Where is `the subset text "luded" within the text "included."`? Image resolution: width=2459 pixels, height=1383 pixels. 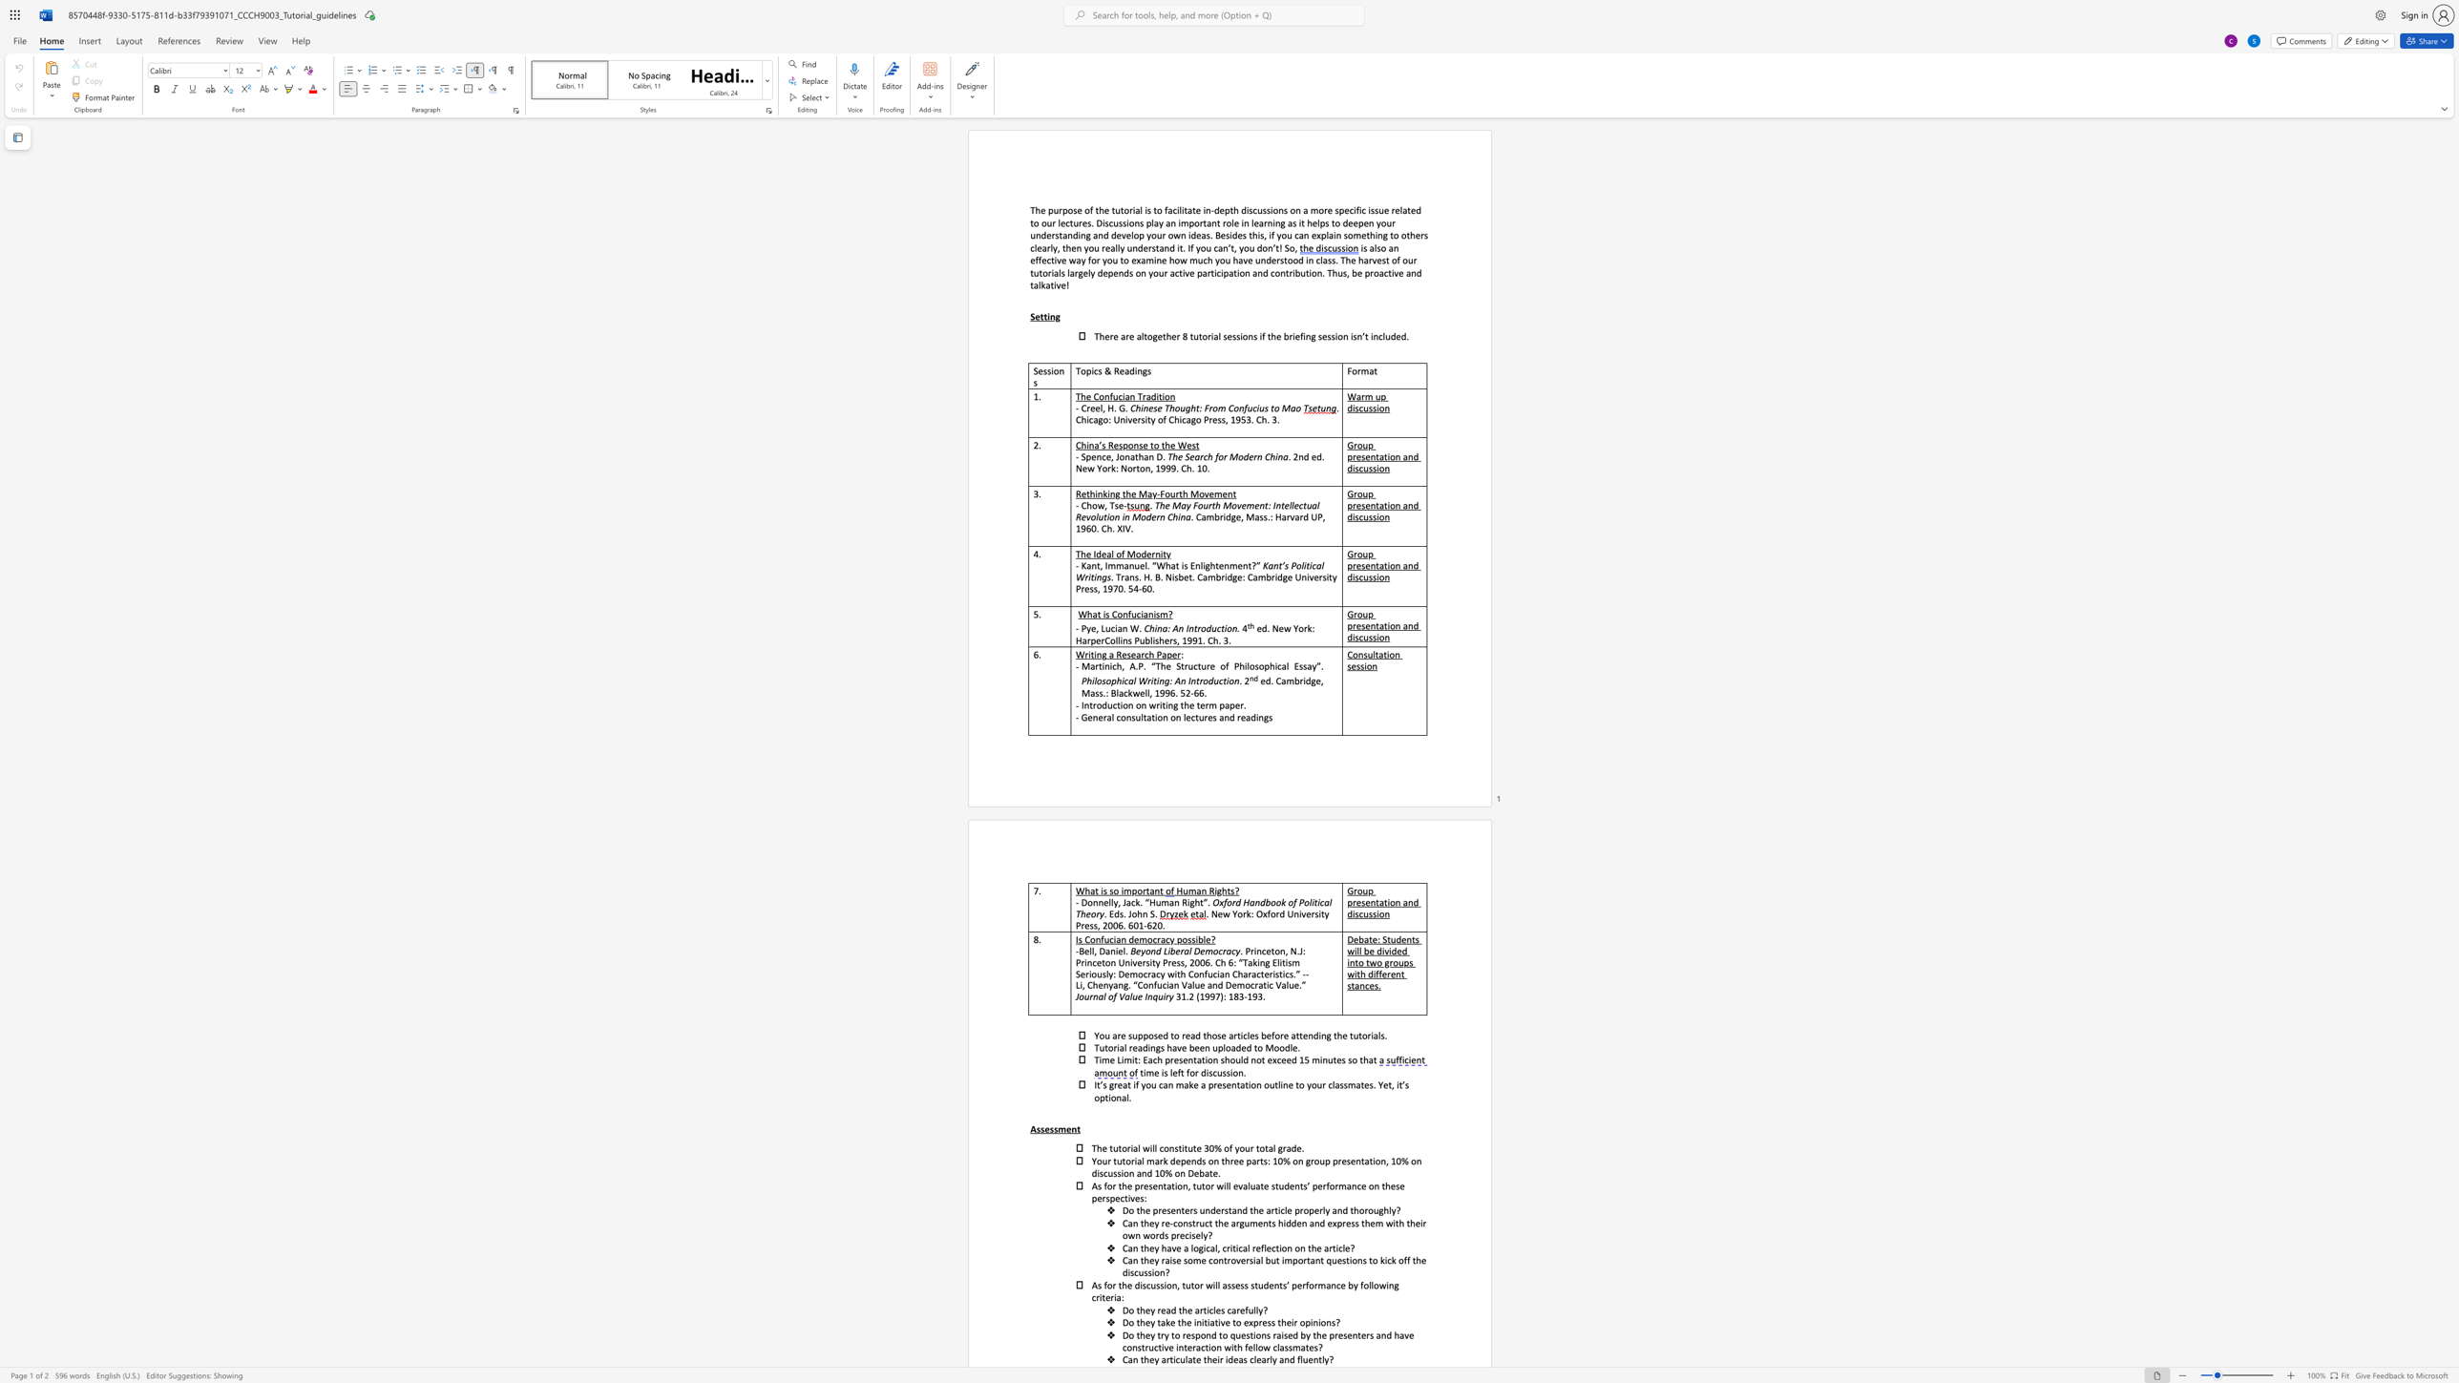 the subset text "luded" within the text "included." is located at coordinates (1382, 336).